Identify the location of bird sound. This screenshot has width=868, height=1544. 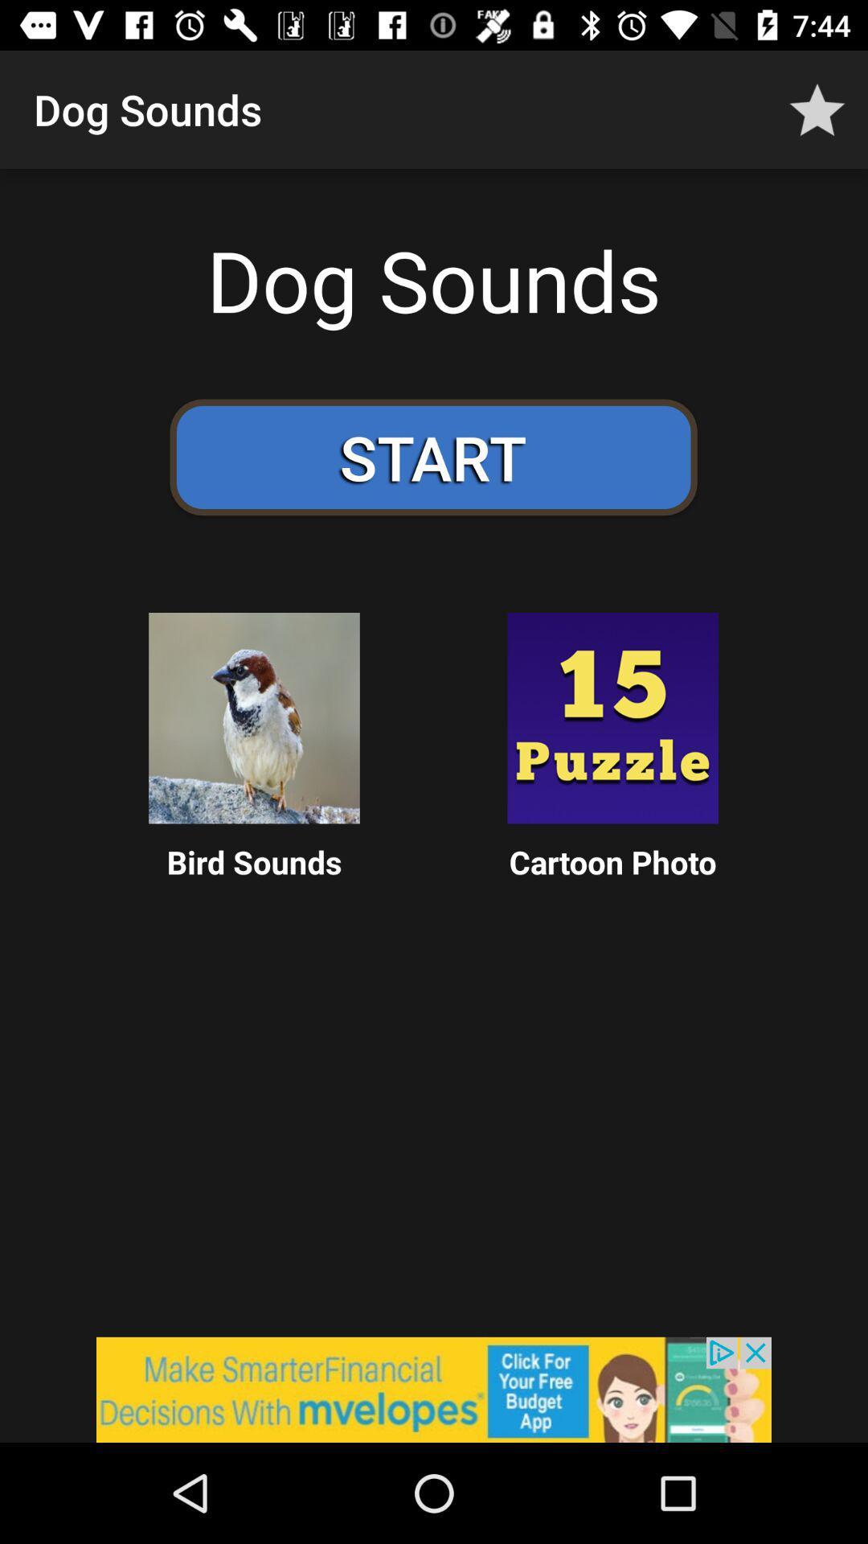
(253, 717).